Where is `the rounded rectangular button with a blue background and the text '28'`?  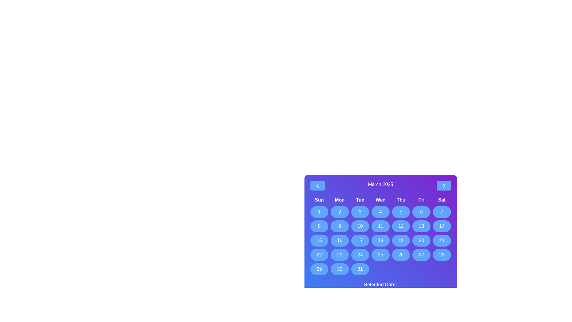 the rounded rectangular button with a blue background and the text '28' is located at coordinates (442, 255).